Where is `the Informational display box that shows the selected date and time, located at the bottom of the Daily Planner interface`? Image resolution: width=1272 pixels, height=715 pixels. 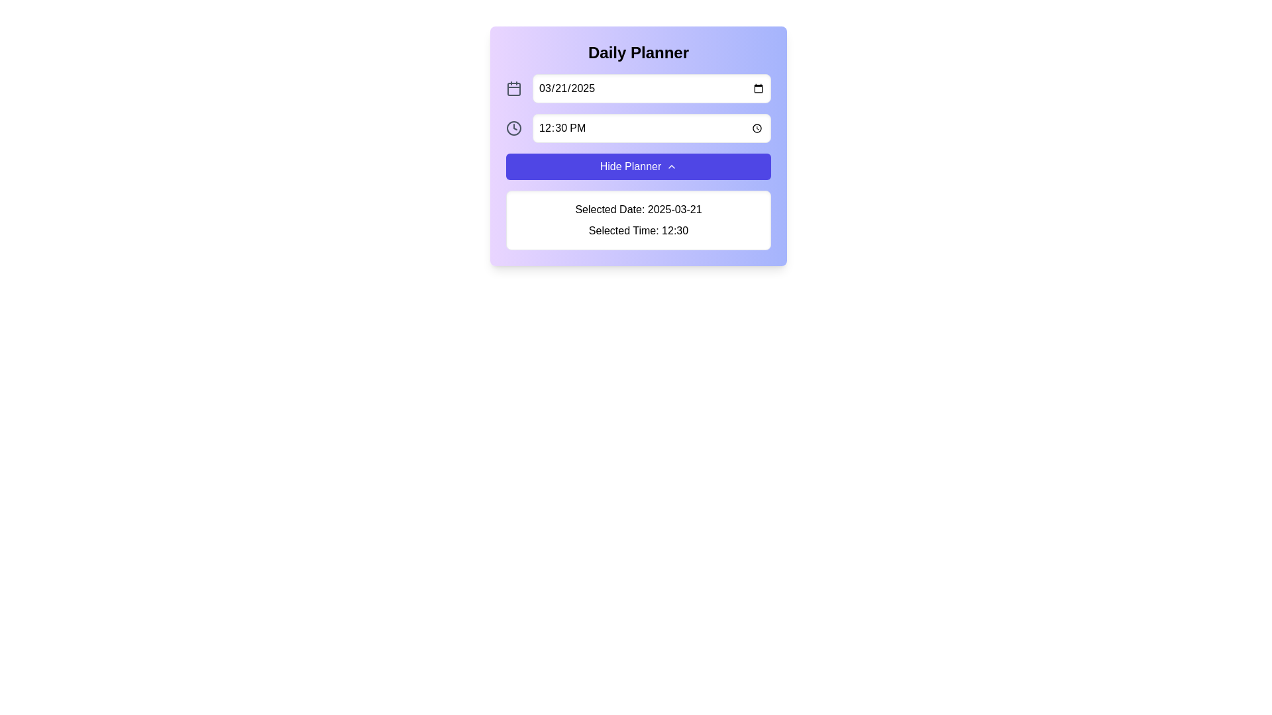 the Informational display box that shows the selected date and time, located at the bottom of the Daily Planner interface is located at coordinates (639, 219).